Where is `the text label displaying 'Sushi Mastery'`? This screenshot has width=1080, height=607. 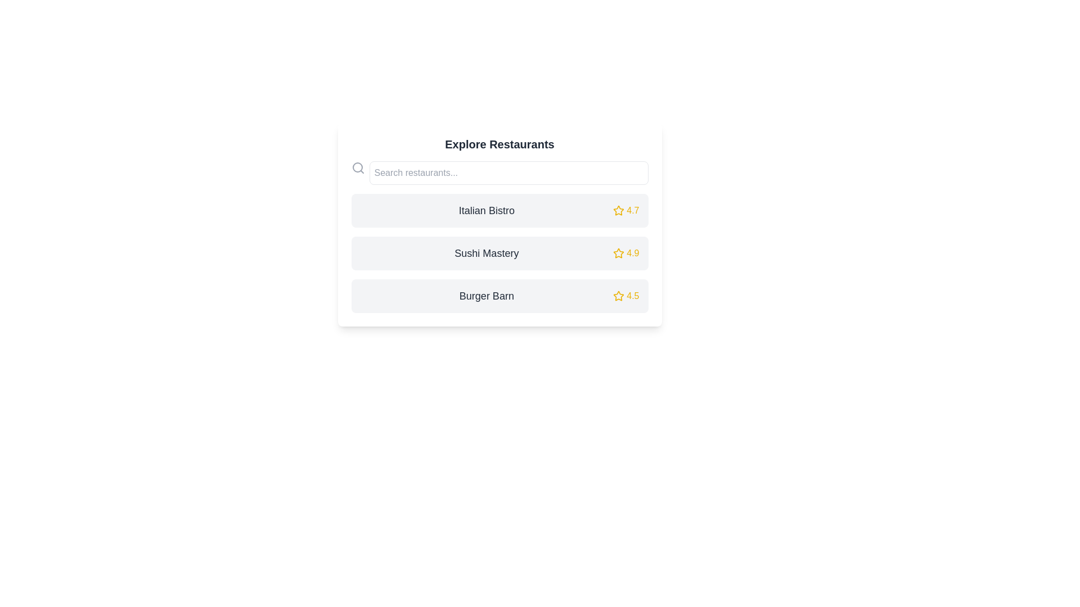
the text label displaying 'Sushi Mastery' is located at coordinates (487, 253).